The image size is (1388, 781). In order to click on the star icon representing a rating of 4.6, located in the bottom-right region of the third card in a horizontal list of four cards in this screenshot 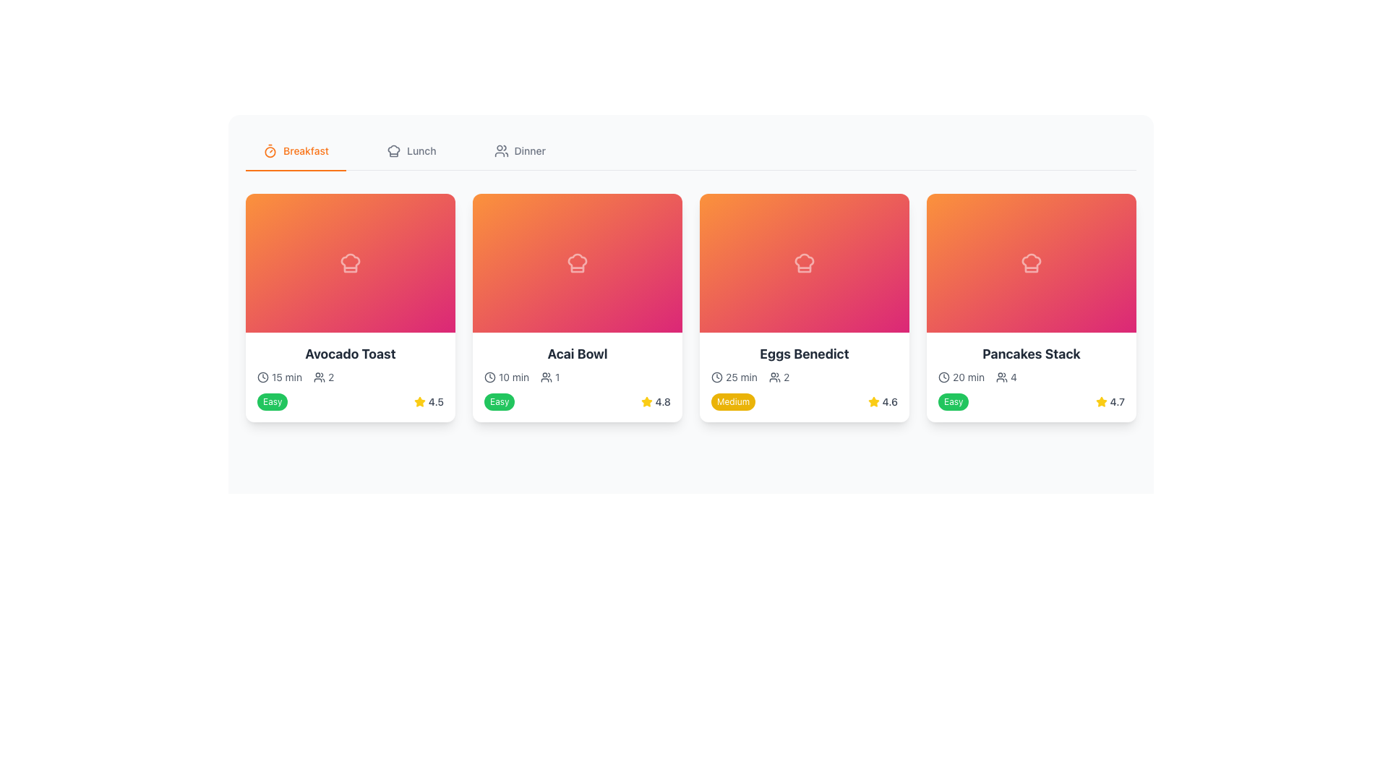, I will do `click(646, 401)`.